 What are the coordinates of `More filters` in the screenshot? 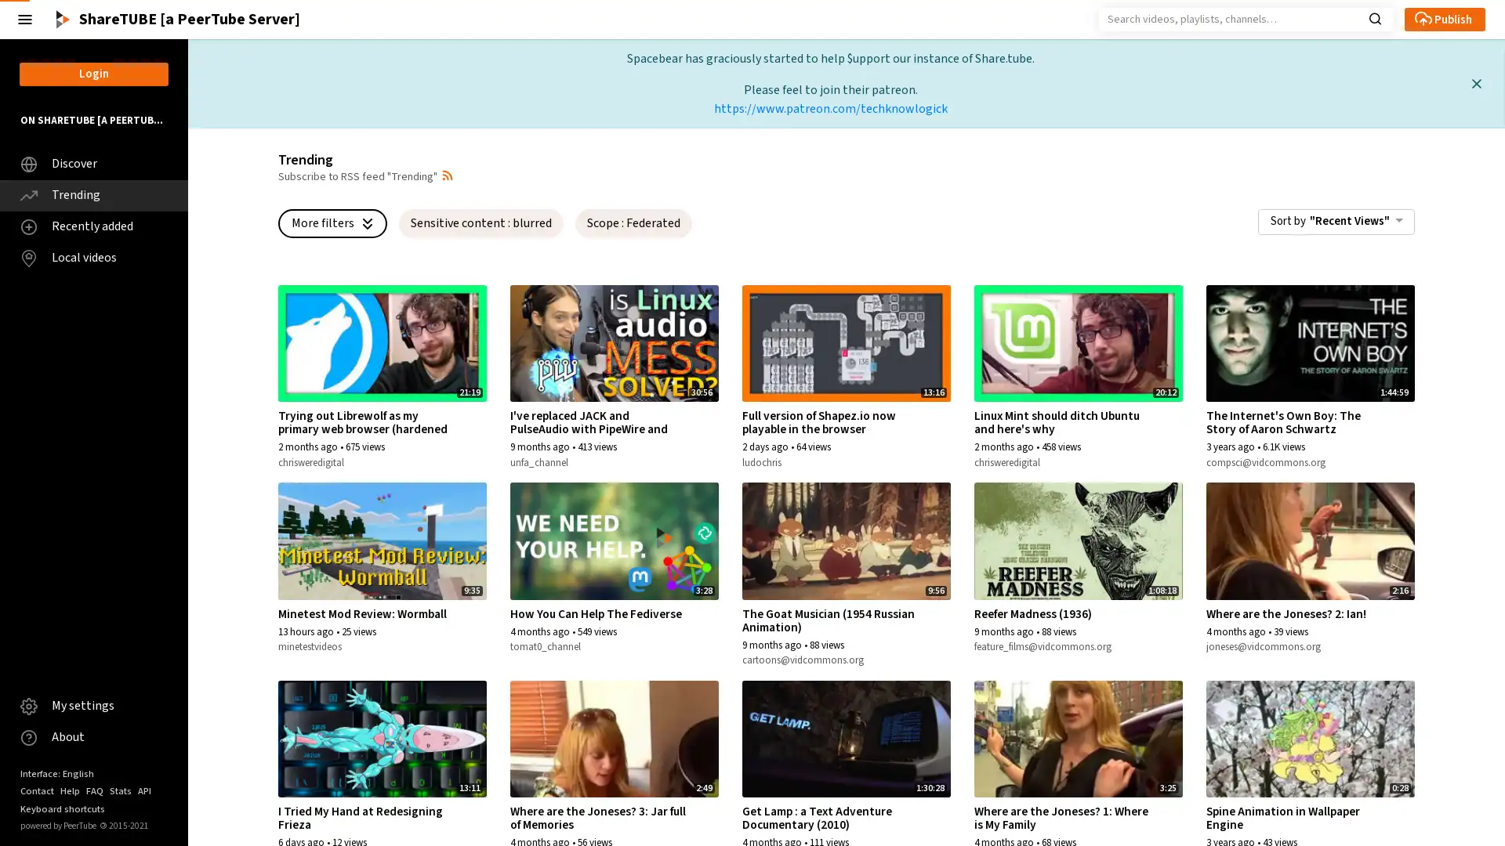 It's located at (332, 222).